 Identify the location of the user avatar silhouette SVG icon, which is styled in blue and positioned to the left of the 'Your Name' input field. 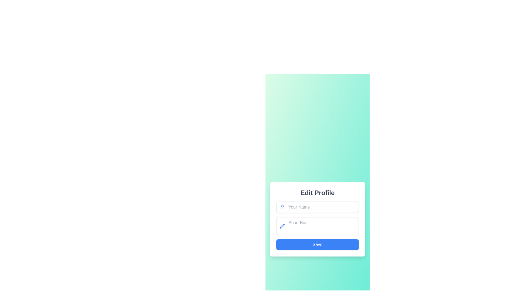
(282, 207).